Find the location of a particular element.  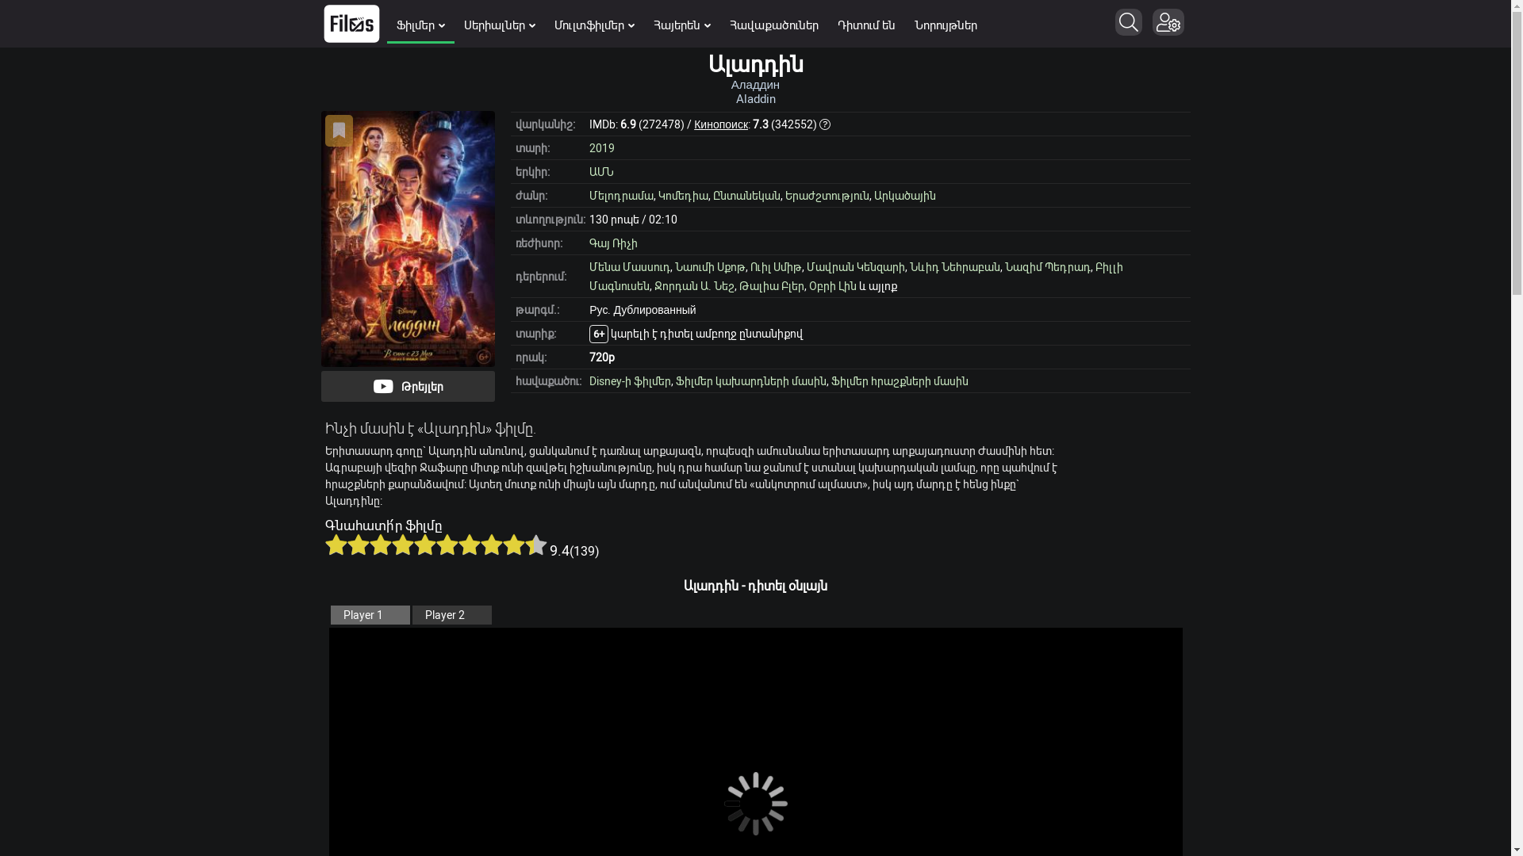

'2' is located at coordinates (357, 543).